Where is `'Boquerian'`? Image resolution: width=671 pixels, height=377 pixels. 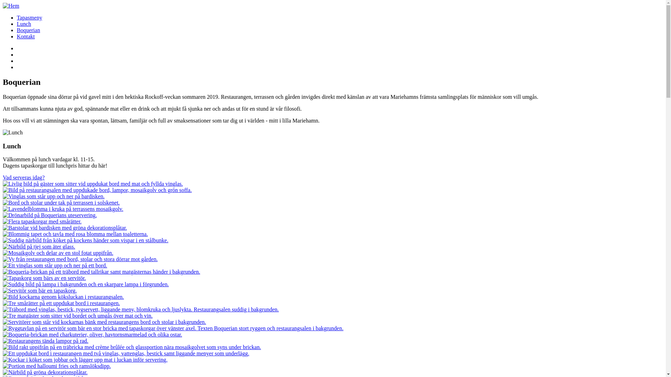 'Boquerian' is located at coordinates (28, 30).